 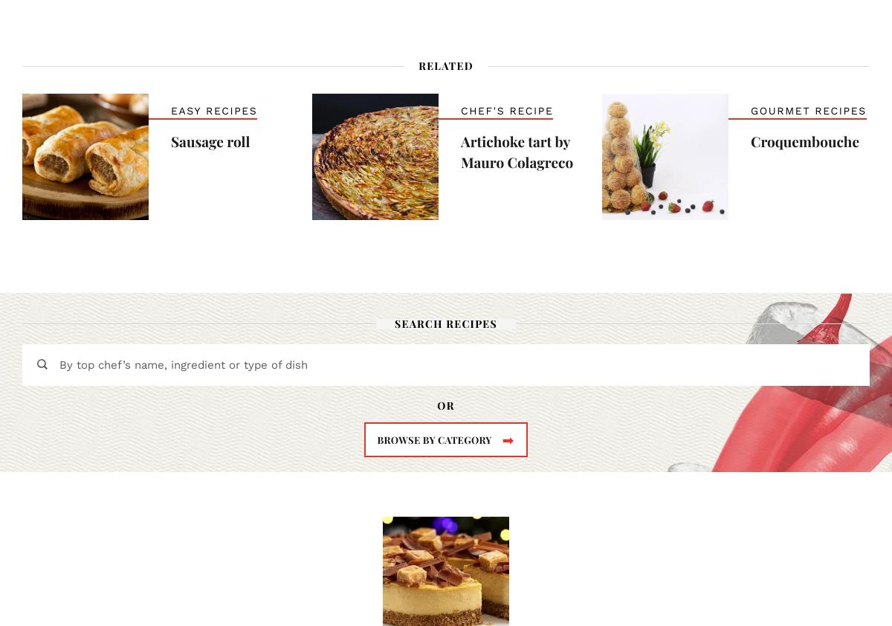 What do you see at coordinates (461, 150) in the screenshot?
I see `'Artichoke tart by Mauro Colagreco'` at bounding box center [461, 150].